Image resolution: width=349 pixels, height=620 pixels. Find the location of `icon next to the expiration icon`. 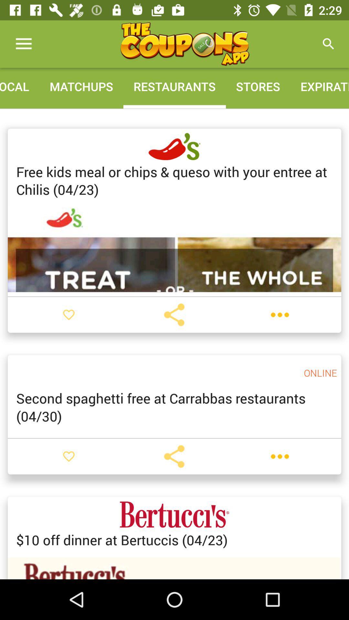

icon next to the expiration icon is located at coordinates (258, 86).